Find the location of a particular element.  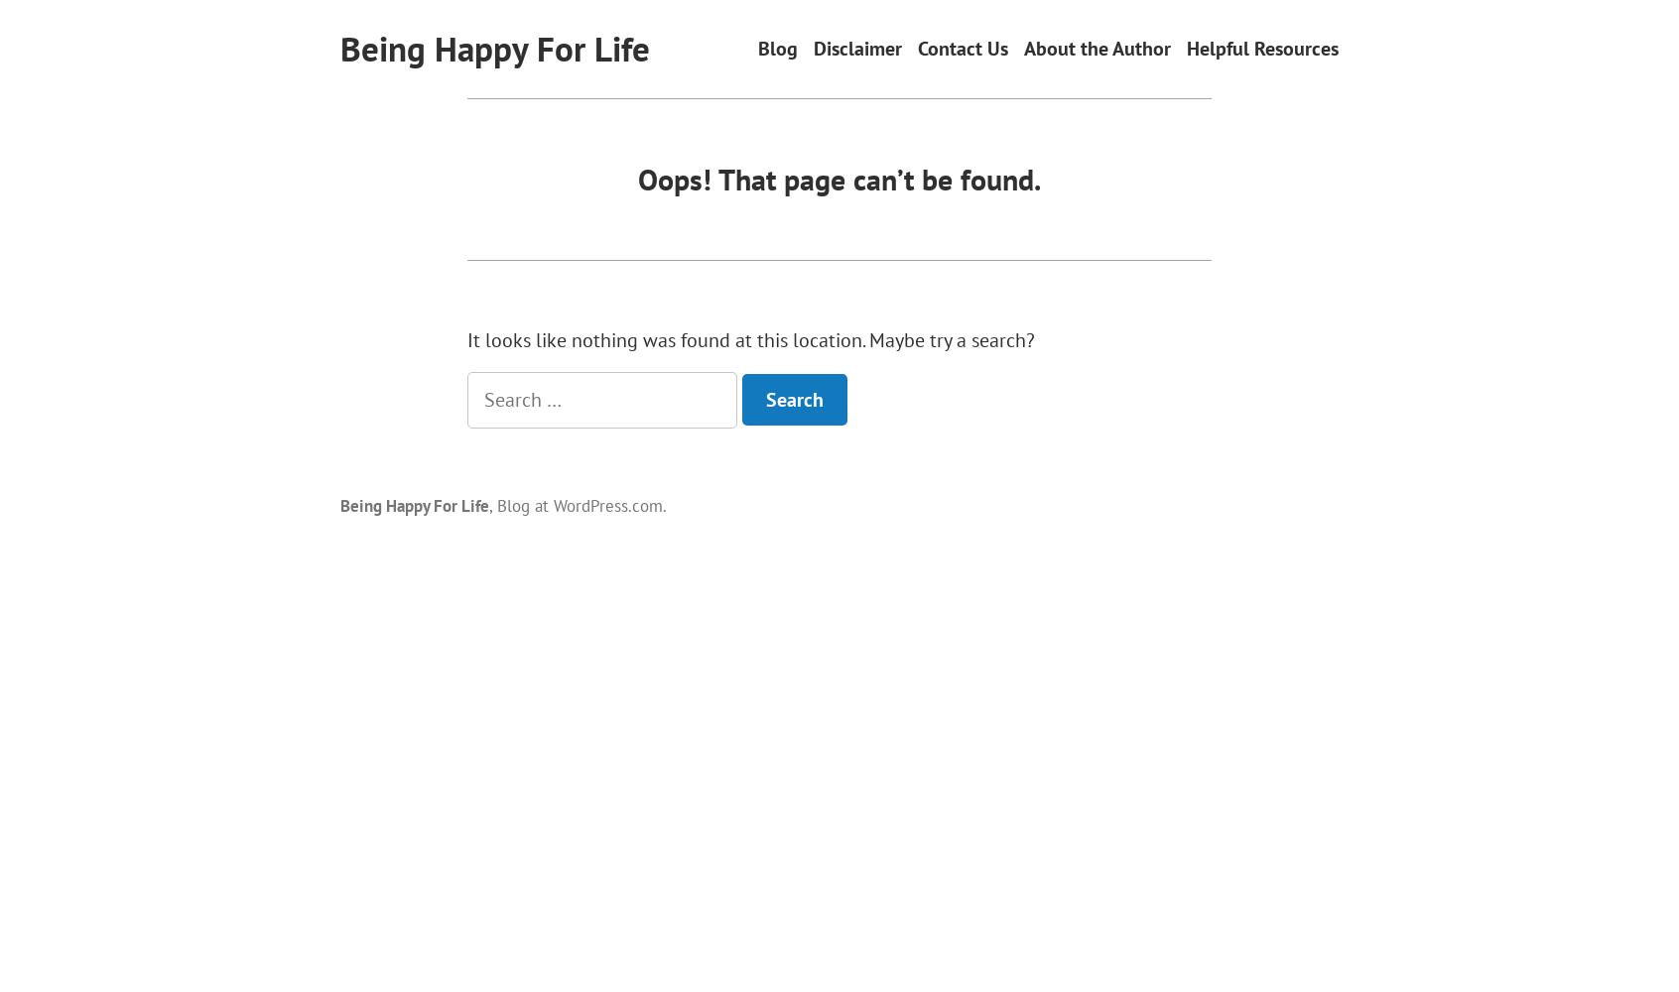

'Helpful Resources' is located at coordinates (1261, 49).